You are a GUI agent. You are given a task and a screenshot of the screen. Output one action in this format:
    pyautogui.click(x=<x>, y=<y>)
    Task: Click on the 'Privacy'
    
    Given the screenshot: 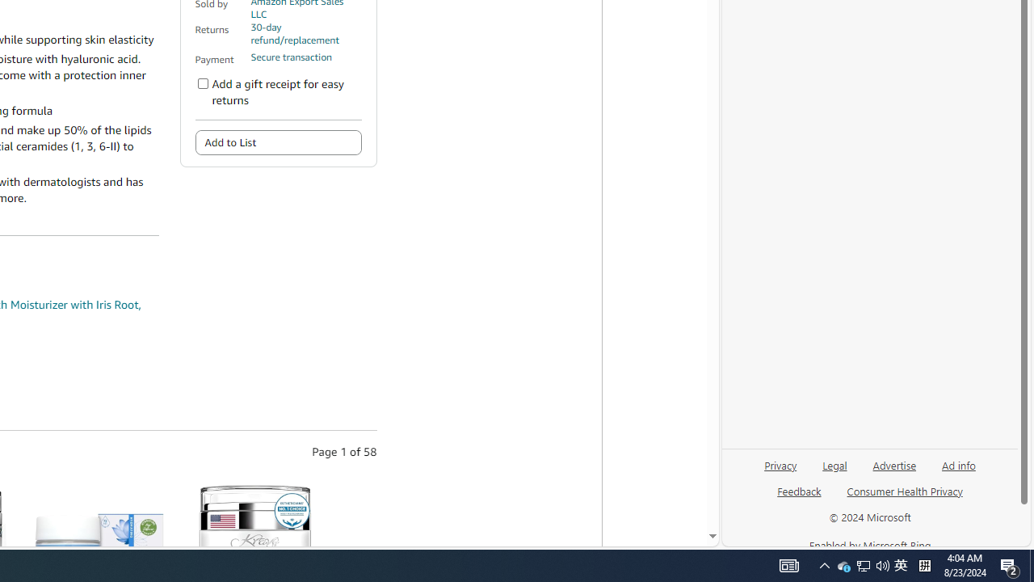 What is the action you would take?
    pyautogui.click(x=780, y=464)
    